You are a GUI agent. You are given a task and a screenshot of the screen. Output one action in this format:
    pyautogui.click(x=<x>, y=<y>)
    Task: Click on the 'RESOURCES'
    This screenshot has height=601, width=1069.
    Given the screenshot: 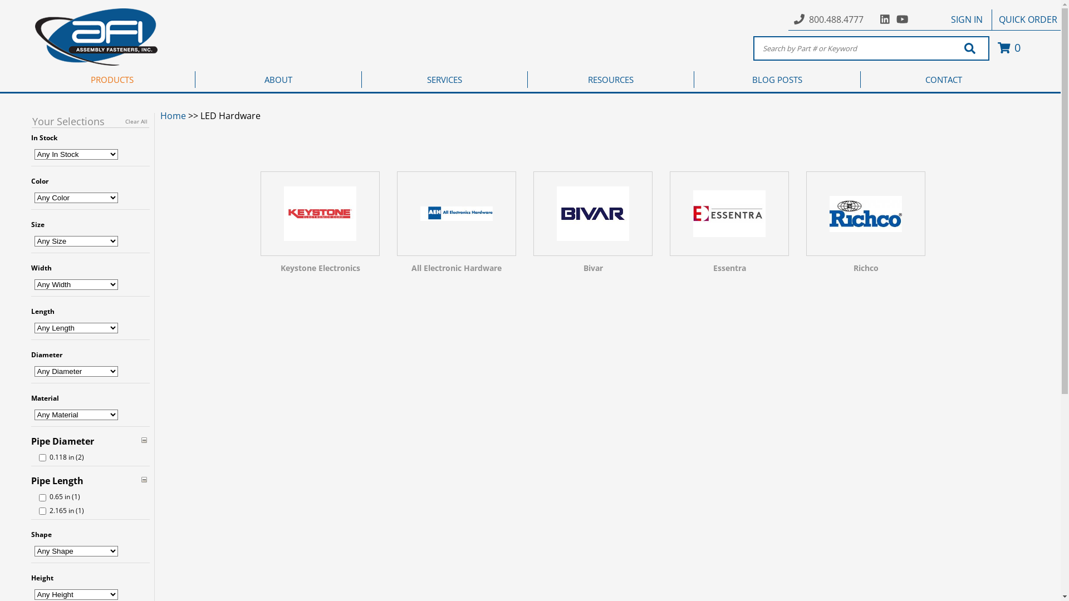 What is the action you would take?
    pyautogui.click(x=610, y=78)
    